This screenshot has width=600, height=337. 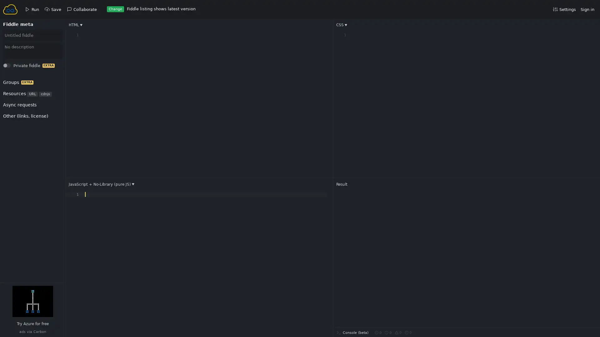 I want to click on Fork, so click(x=13, y=67).